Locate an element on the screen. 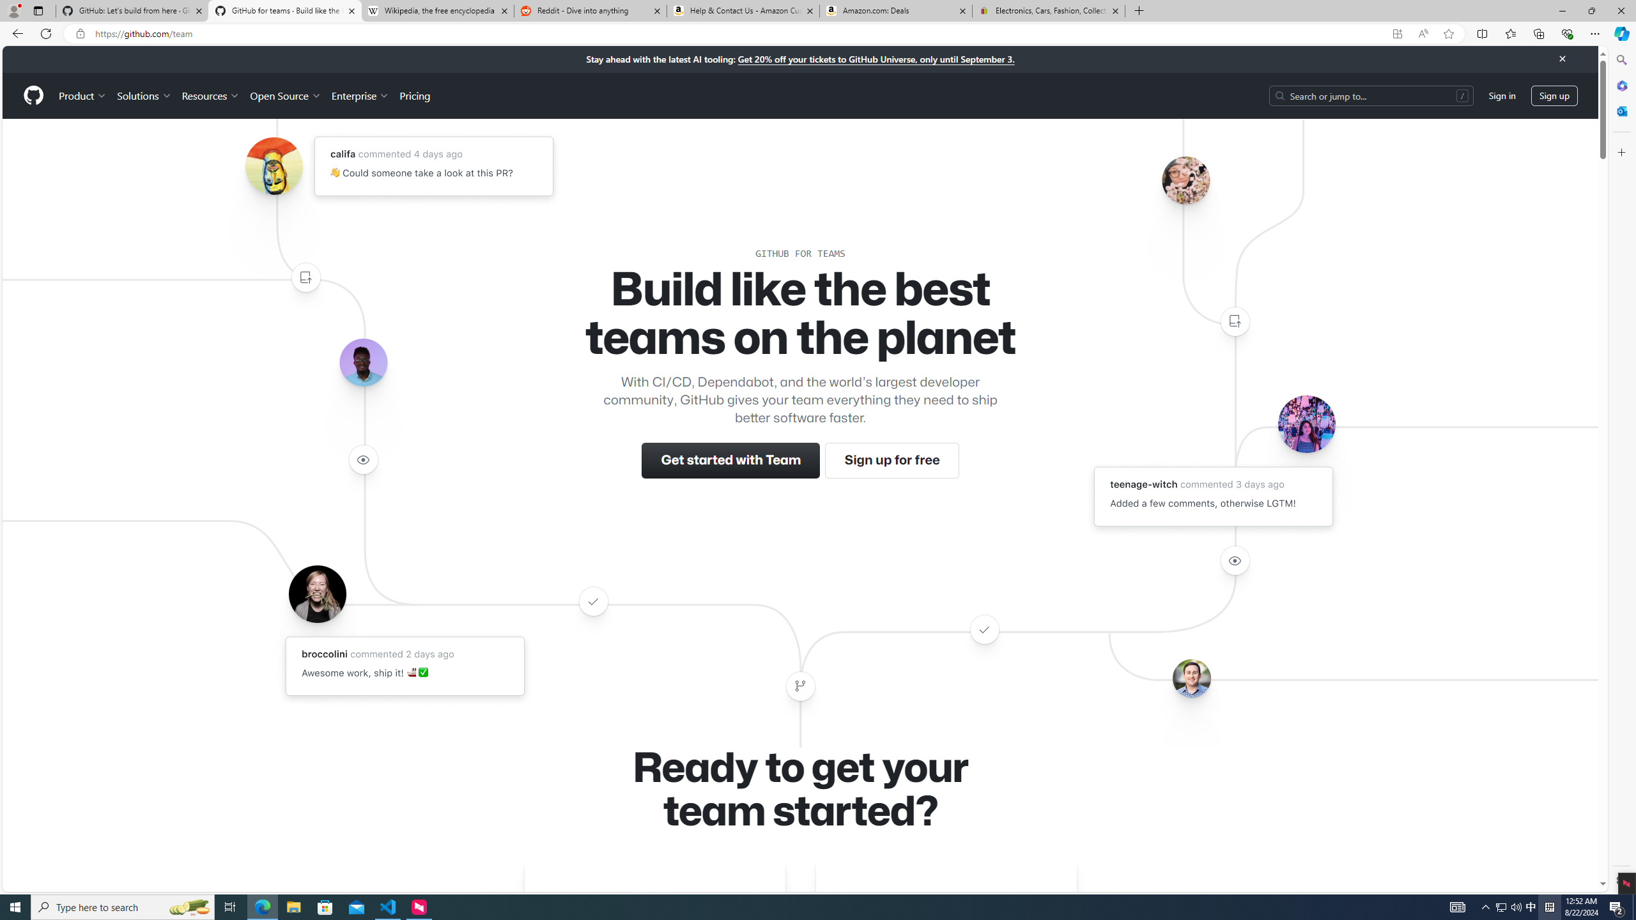 The height and width of the screenshot is (920, 1636). 'Resources' is located at coordinates (211, 95).